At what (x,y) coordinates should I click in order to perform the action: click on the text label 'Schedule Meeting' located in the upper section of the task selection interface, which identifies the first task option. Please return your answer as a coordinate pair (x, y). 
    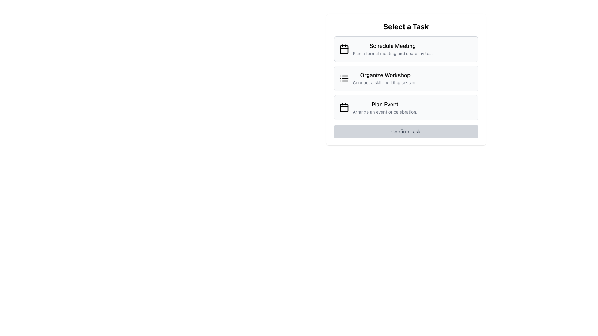
    Looking at the image, I should click on (392, 45).